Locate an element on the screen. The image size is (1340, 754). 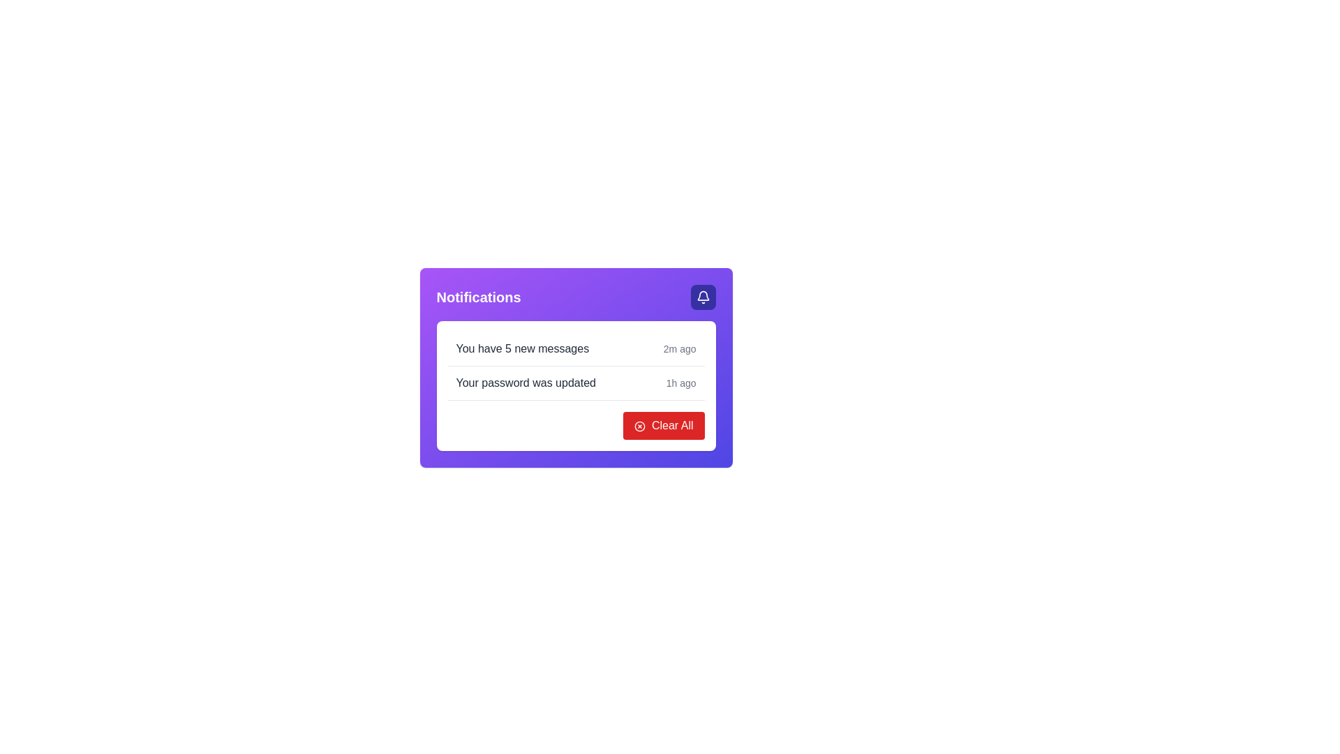
the rounded rectangular button with a deep indigo background and a simplified bell icon is located at coordinates (703, 296).